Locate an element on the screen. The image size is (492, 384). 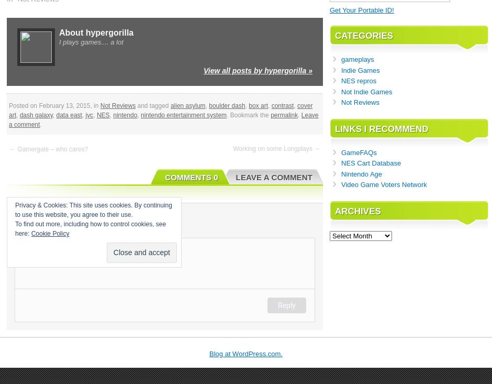
'Not Indie Games' is located at coordinates (366, 91).